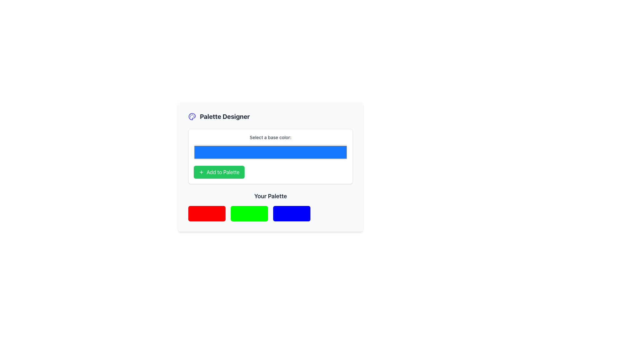 The width and height of the screenshot is (617, 347). What do you see at coordinates (249, 213) in the screenshot?
I see `the bright green color display box in the 'Your Palette' section` at bounding box center [249, 213].